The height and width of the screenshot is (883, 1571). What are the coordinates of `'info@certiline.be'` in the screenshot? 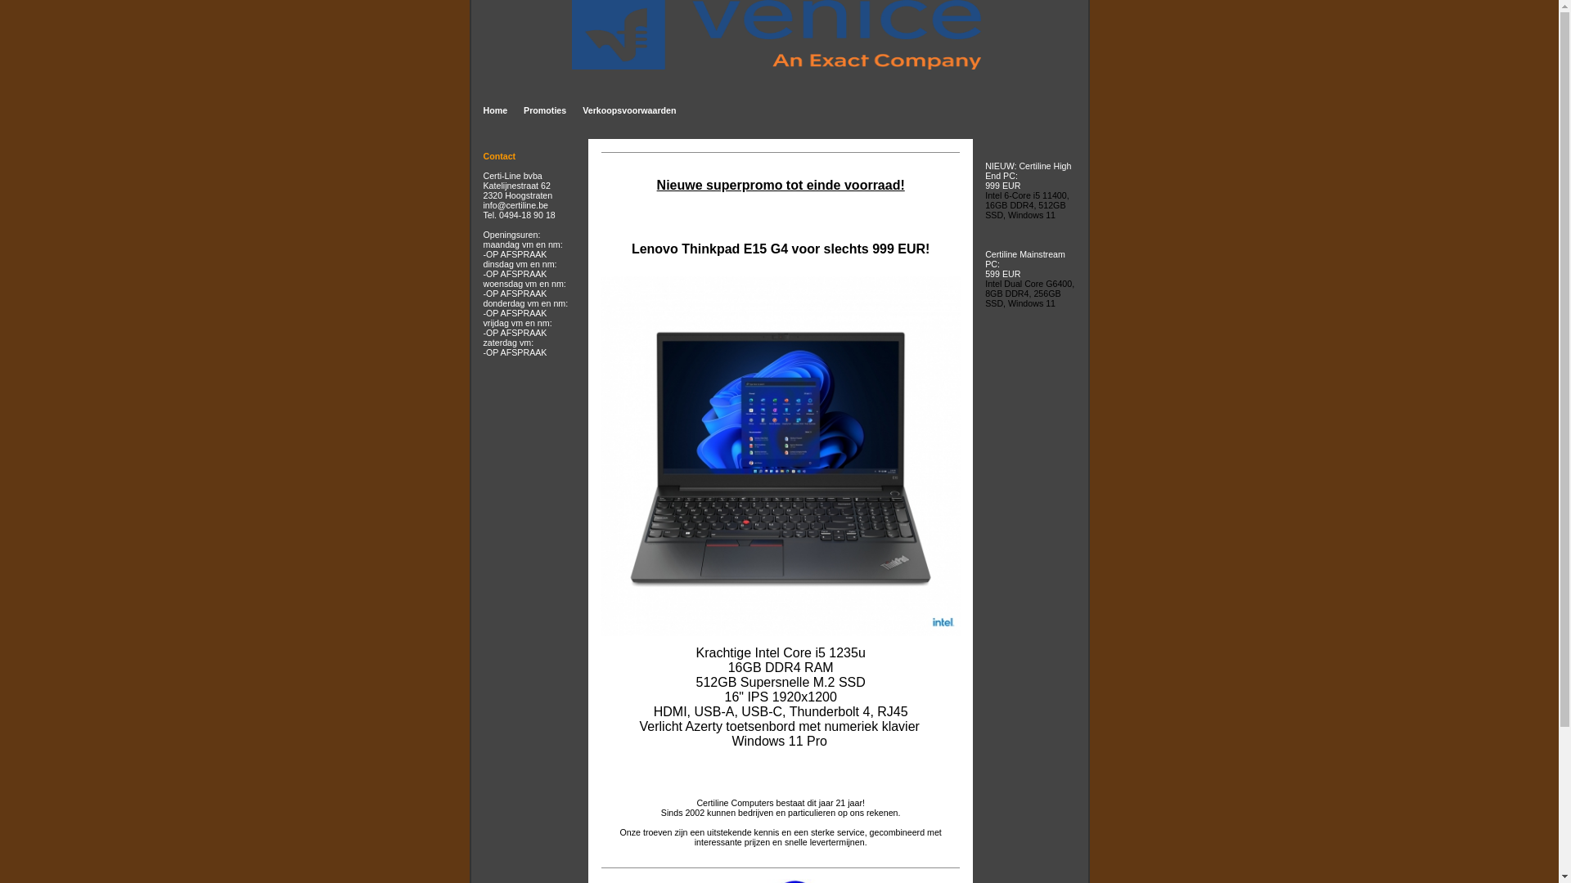 It's located at (514, 204).